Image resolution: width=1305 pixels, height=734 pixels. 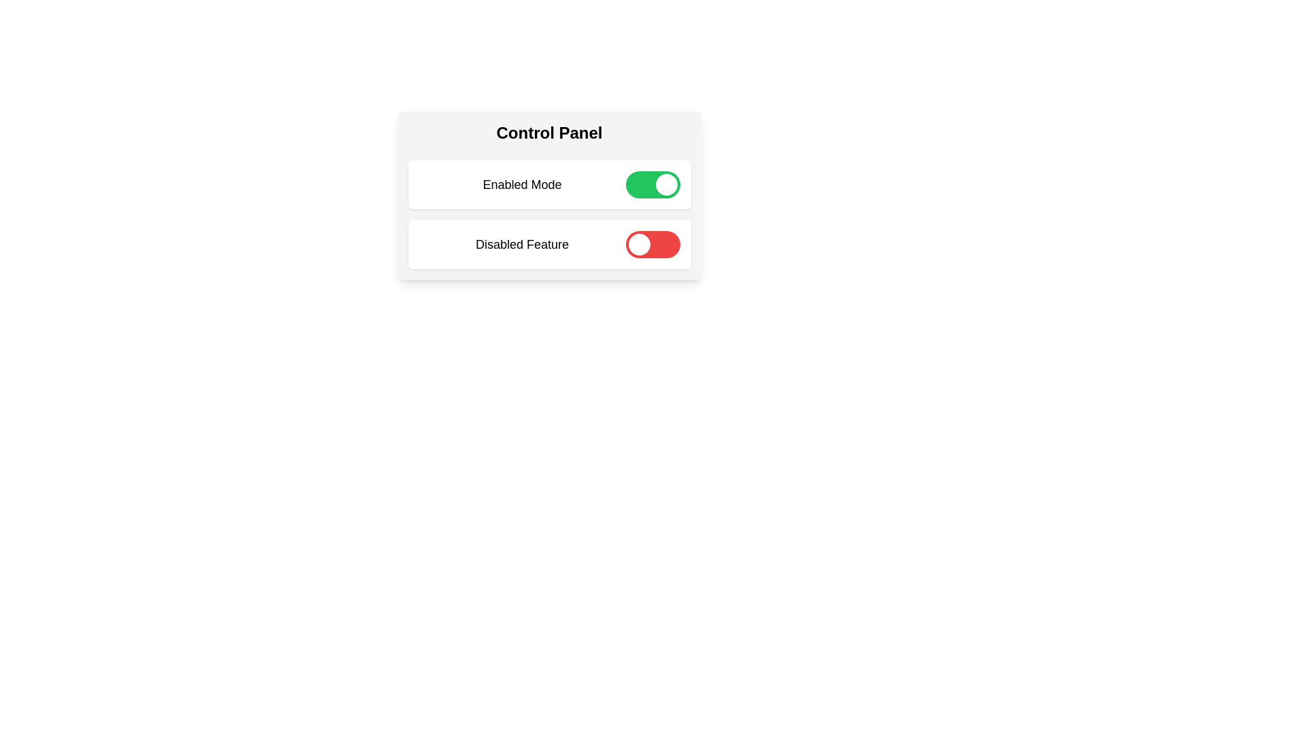 I want to click on the label Disabled Feature to focus or select it, so click(x=521, y=243).